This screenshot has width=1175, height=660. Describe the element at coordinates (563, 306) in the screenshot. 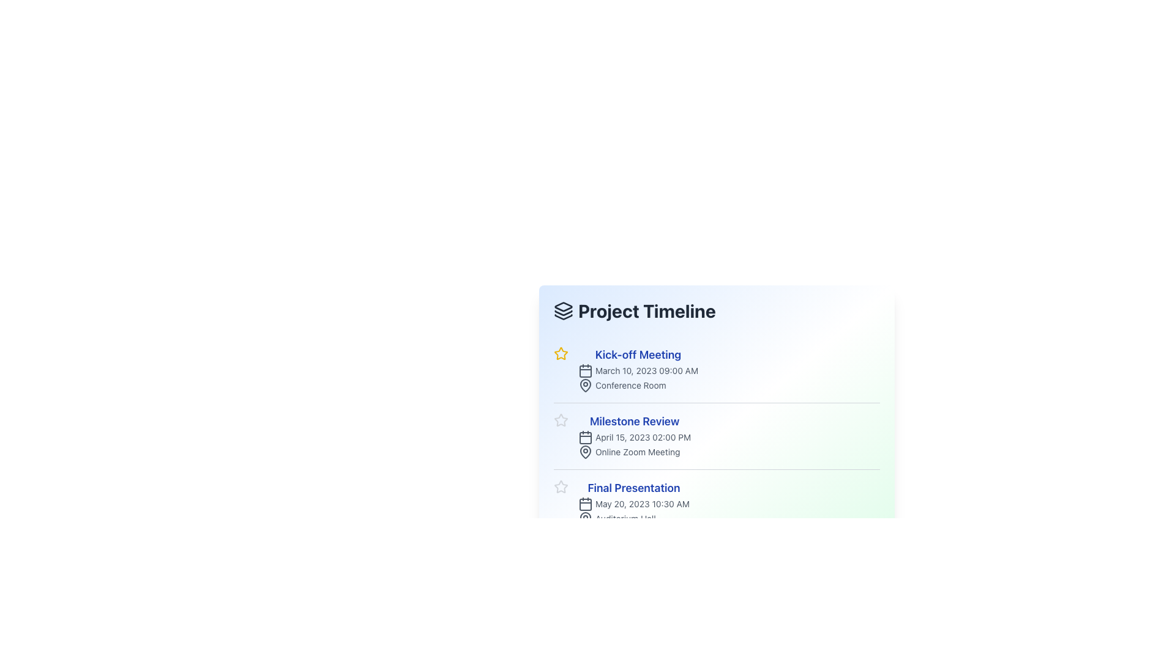

I see `the decorative icon representing the 'Project Timeline' section, which is positioned at the top-left corner of the card adjacent to the title text` at that location.